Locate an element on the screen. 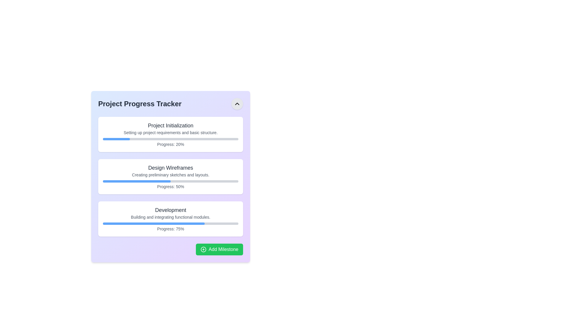 Image resolution: width=563 pixels, height=317 pixels. the text label reading 'Design Wireframes', which is styled with a larger font size and gray color, located at the top of the second card in the progress tracker interface is located at coordinates (170, 168).